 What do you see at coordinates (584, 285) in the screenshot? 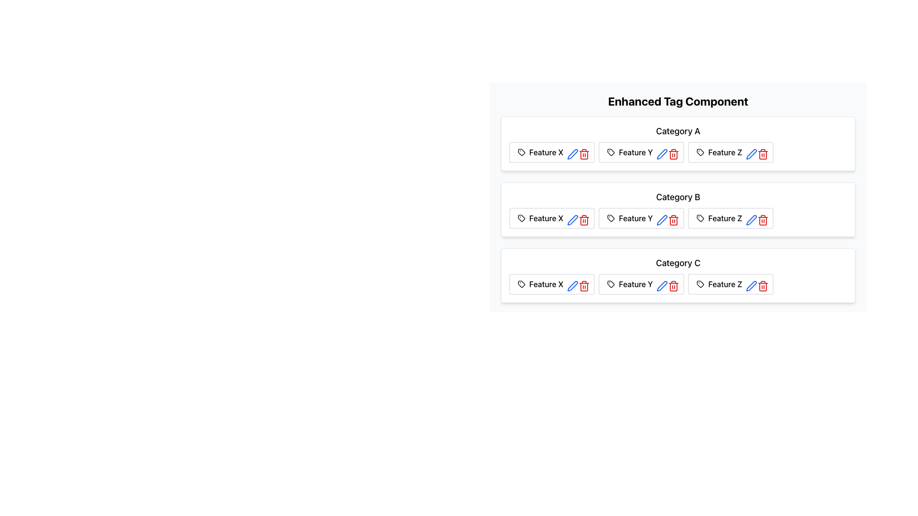
I see `the red trash can icon located in the rightmost section of the 'Feature X' entry within Category C` at bounding box center [584, 285].